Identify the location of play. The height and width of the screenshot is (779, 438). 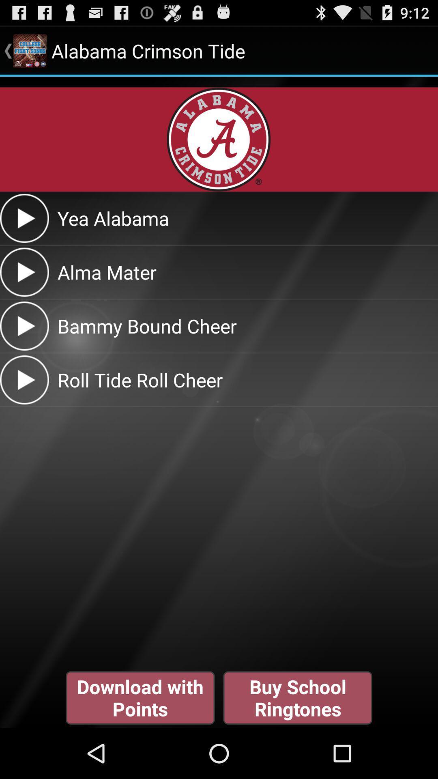
(24, 379).